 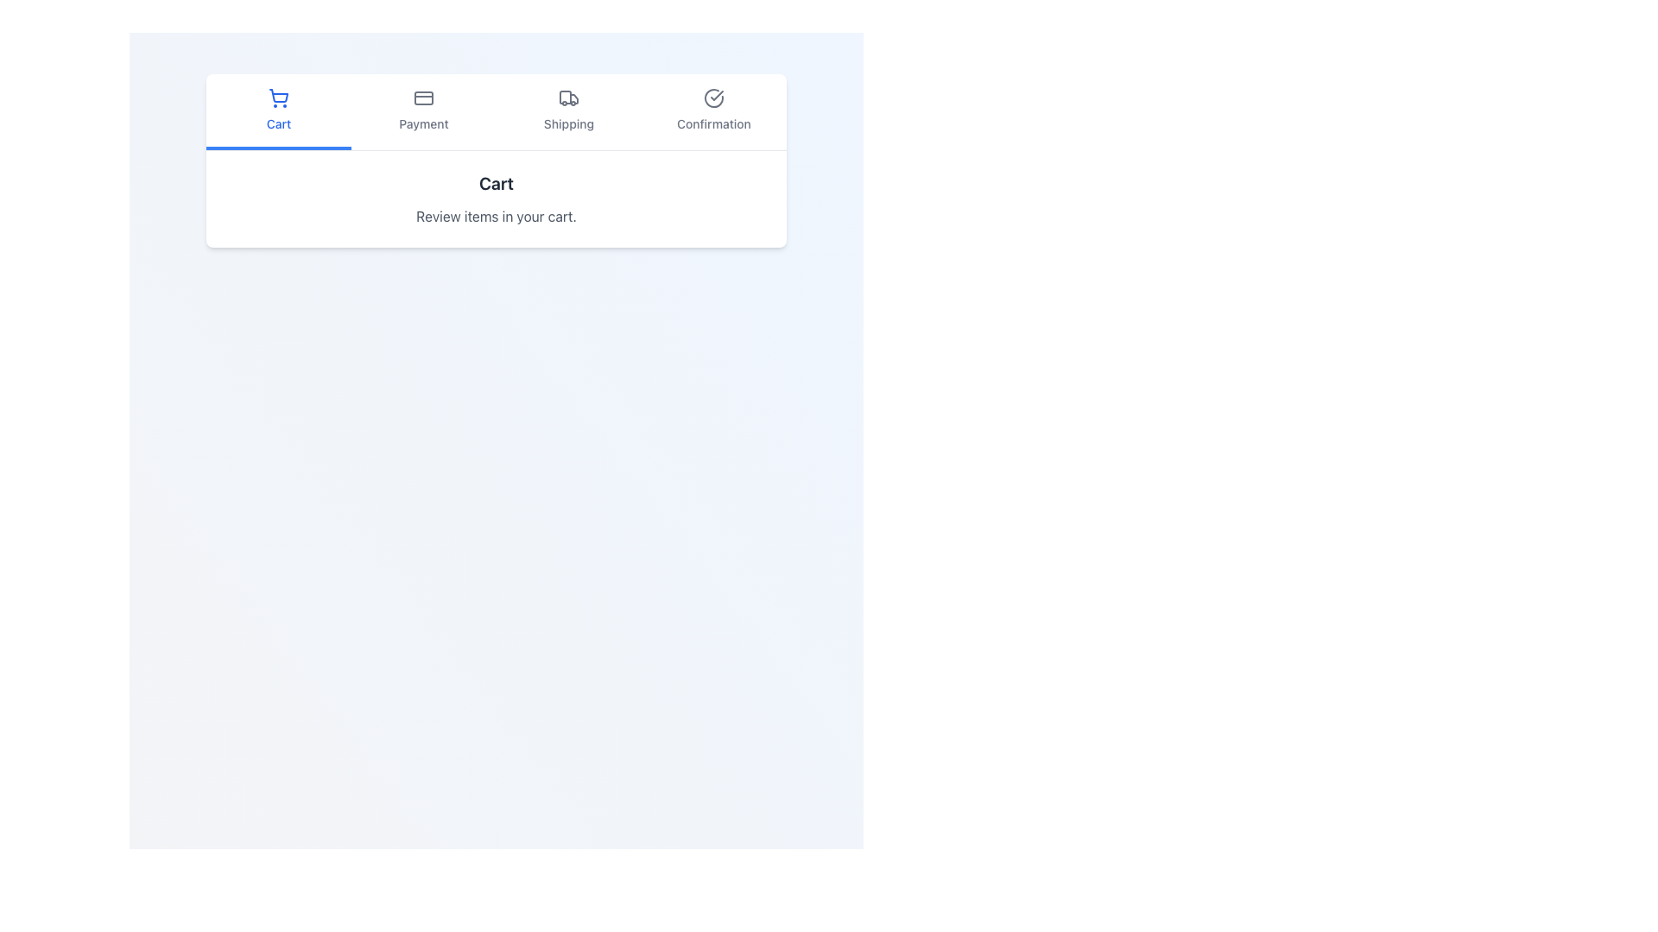 What do you see at coordinates (568, 98) in the screenshot?
I see `the truck icon in the Shipping section of the navigation bar, which is characterized by its minimalist design and linear strokes, positioned between the Payment and Confirmation sections` at bounding box center [568, 98].